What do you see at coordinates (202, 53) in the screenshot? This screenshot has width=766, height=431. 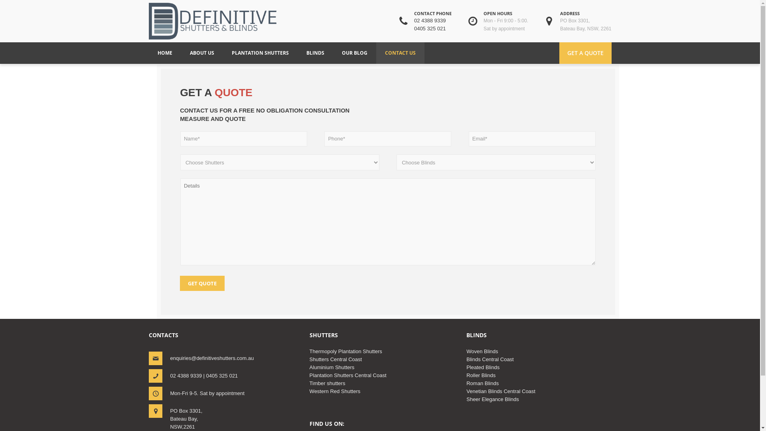 I see `'ABOUT US'` at bounding box center [202, 53].